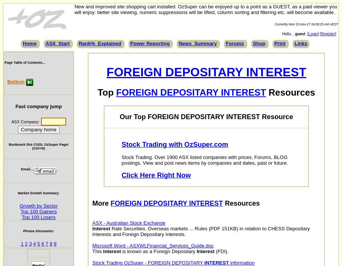  What do you see at coordinates (42, 243) in the screenshot?
I see `'6'` at bounding box center [42, 243].